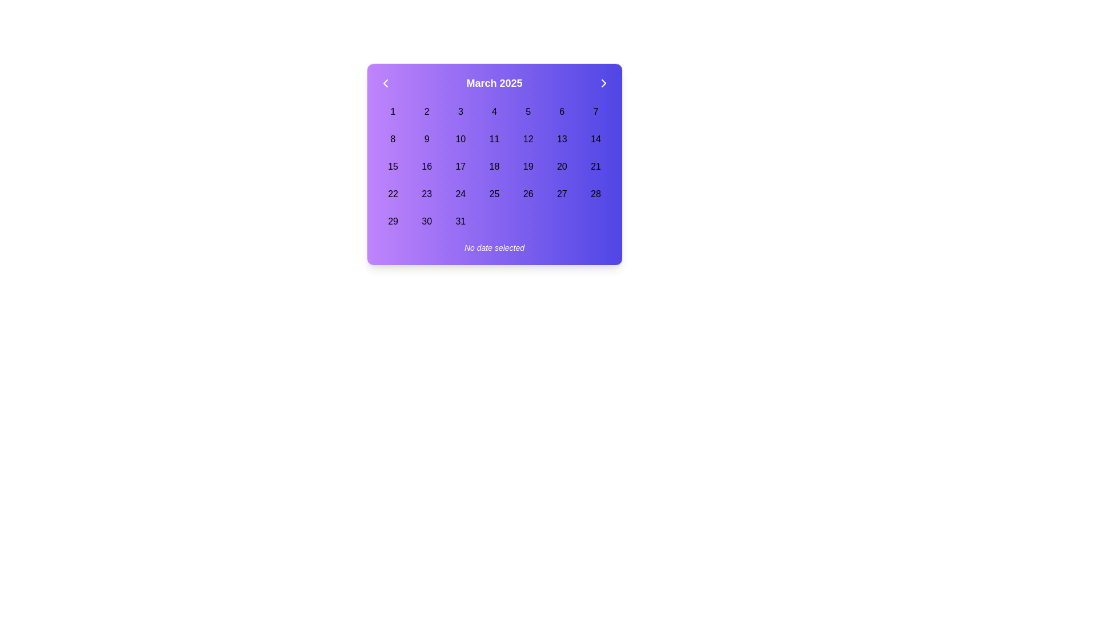 This screenshot has width=1097, height=617. I want to click on the button representing the 20th day of the month in the calendar interface, so click(562, 167).